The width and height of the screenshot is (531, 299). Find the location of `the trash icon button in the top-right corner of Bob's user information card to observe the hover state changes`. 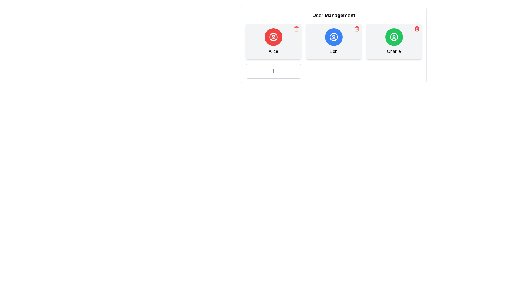

the trash icon button in the top-right corner of Bob's user information card to observe the hover state changes is located at coordinates (356, 29).